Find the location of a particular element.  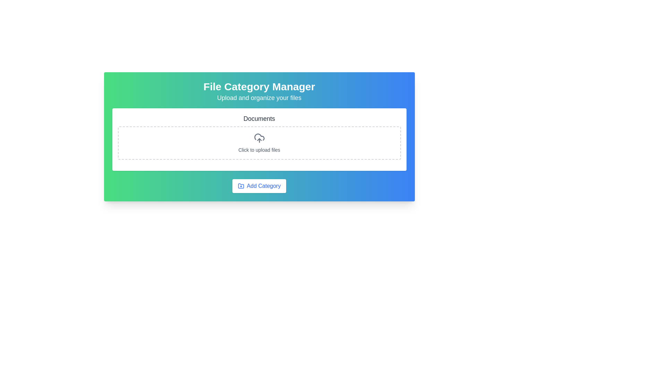

the File upload area, which has a dashed gray border, a centered gray cloud upload icon, and the text 'Click to upload files' below it is located at coordinates (259, 143).